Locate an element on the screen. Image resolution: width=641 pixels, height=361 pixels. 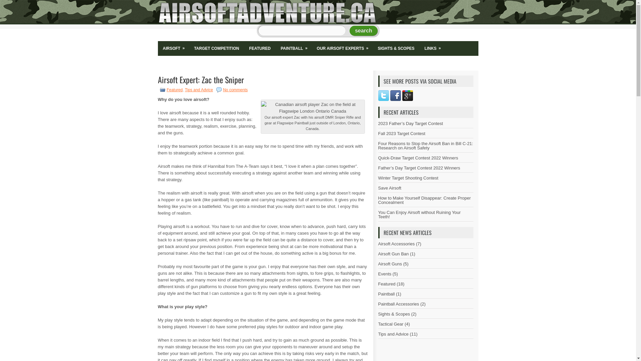
'Fall 2023 Target Contest' is located at coordinates (401, 133).